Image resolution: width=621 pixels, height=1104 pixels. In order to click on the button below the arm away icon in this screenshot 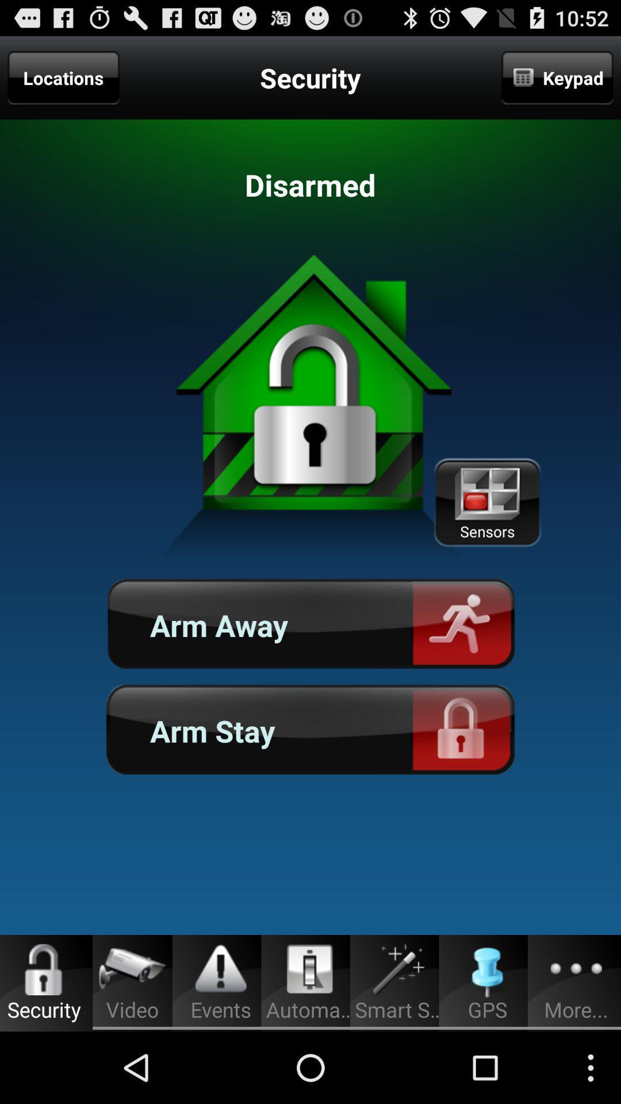, I will do `click(310, 730)`.